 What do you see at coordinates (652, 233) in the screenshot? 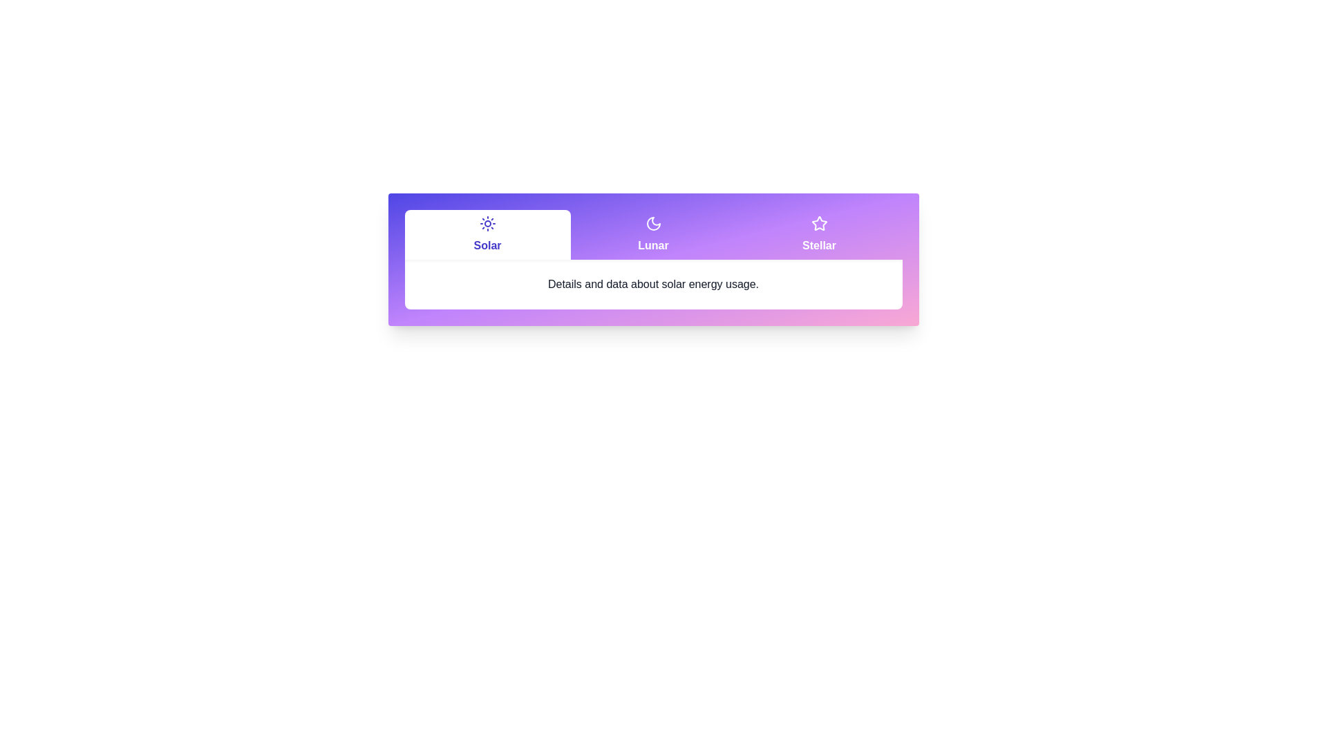
I see `the Lunar tab by clicking its header` at bounding box center [652, 233].